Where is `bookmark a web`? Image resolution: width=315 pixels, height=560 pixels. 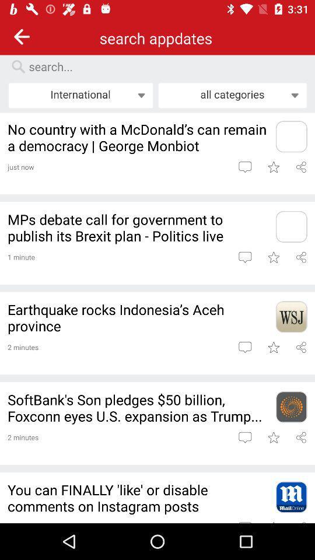
bookmark a web is located at coordinates (273, 347).